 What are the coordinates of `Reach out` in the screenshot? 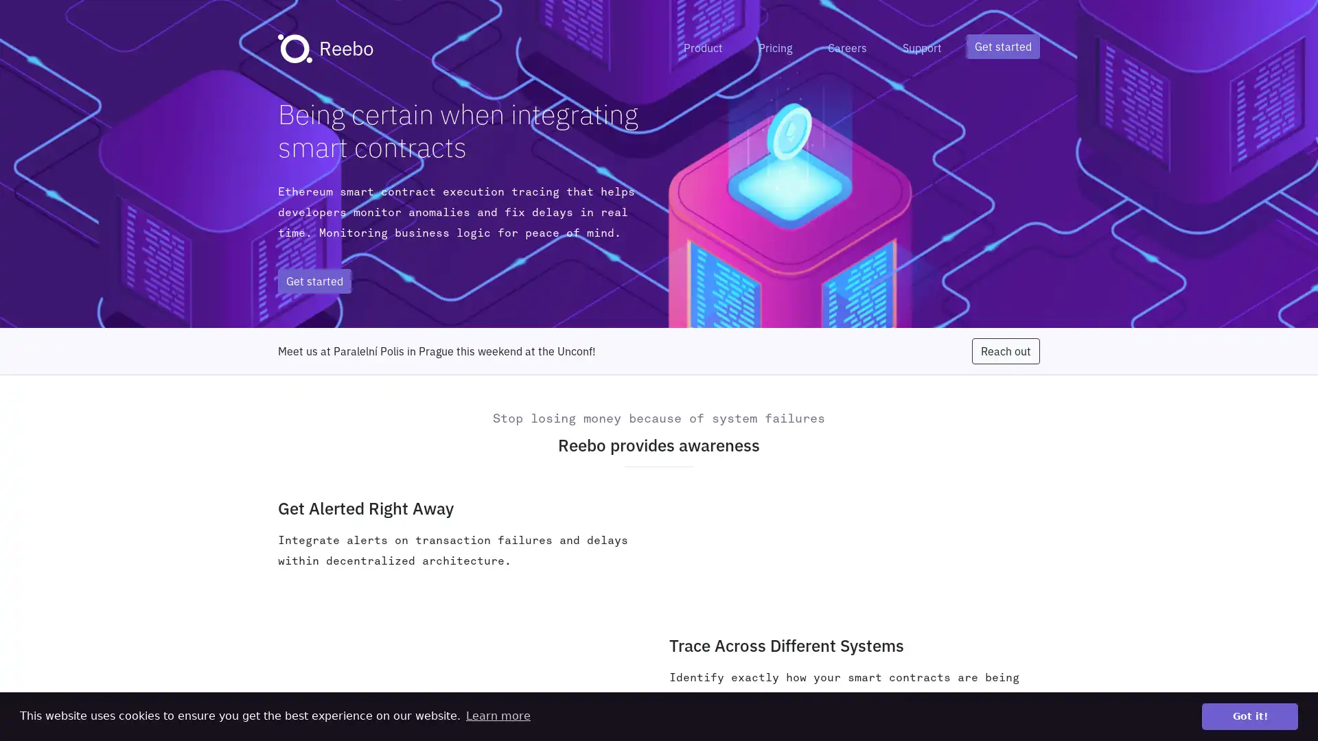 It's located at (1006, 351).